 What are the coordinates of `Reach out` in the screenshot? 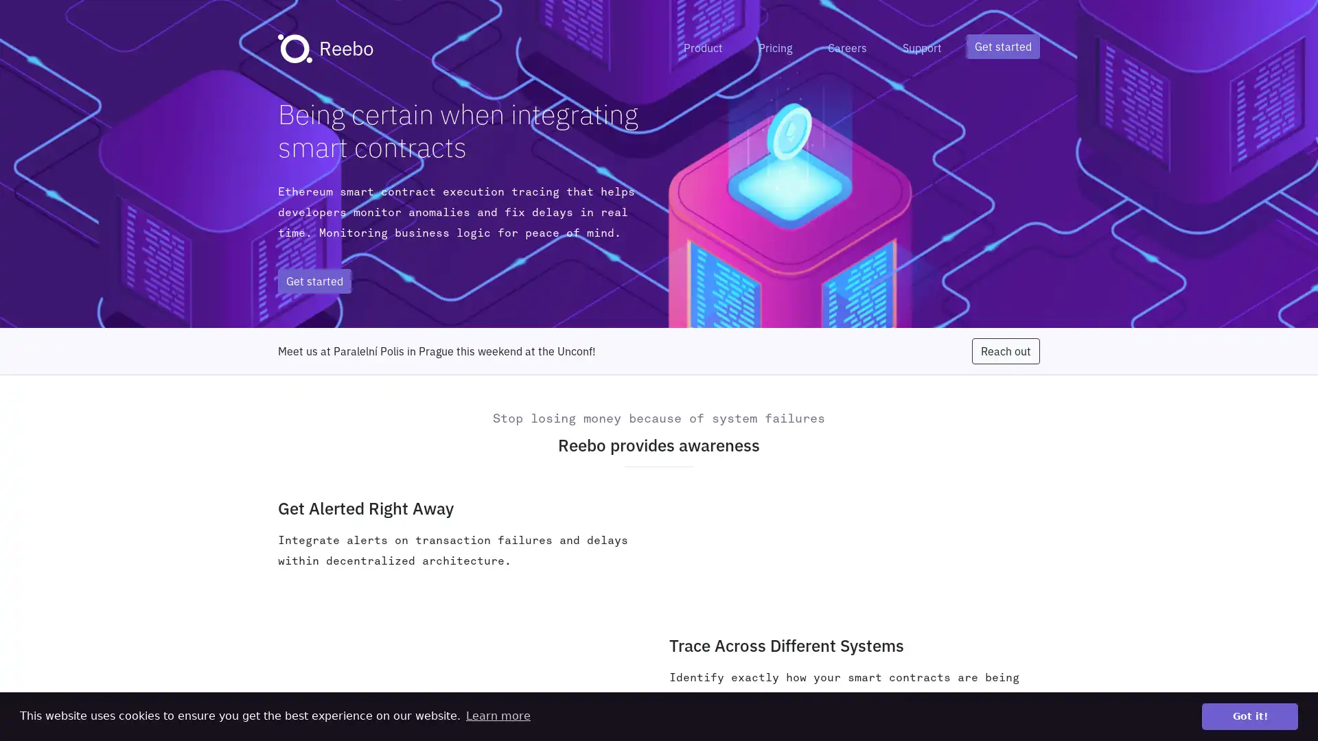 It's located at (1006, 351).